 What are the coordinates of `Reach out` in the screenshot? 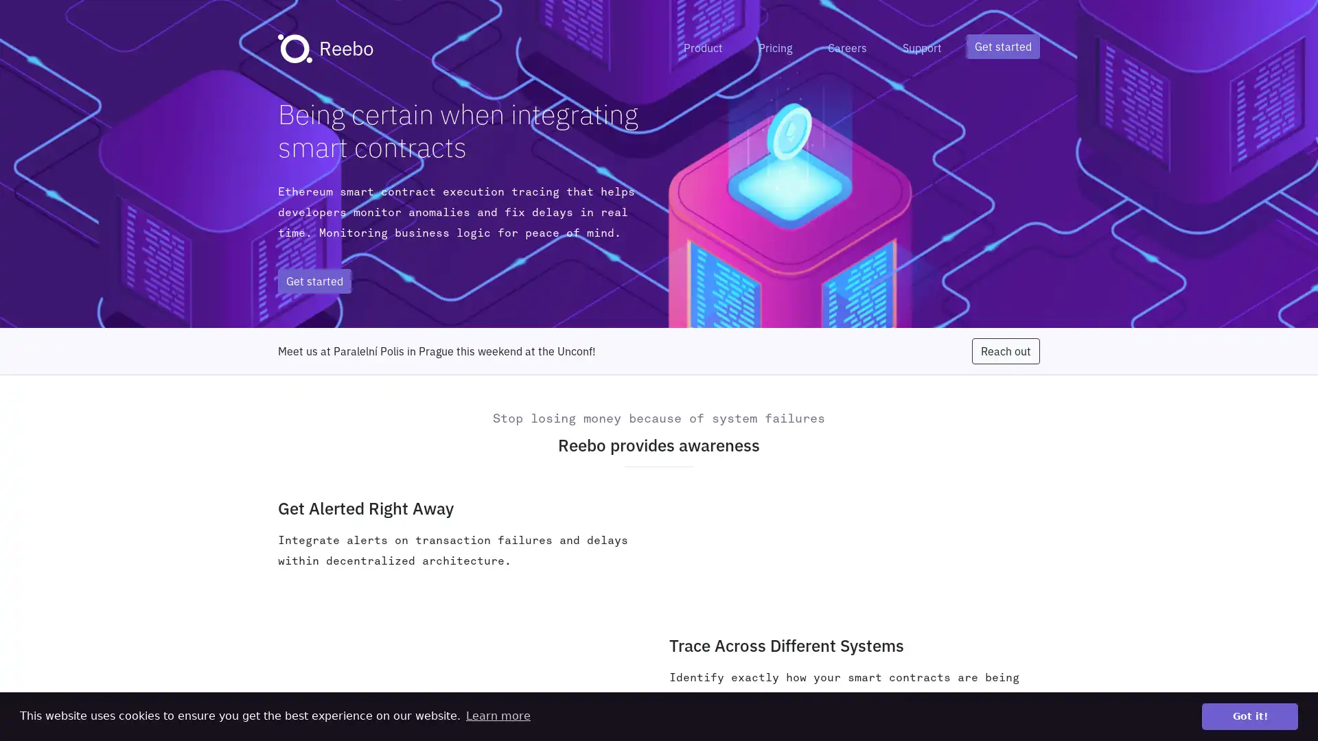 It's located at (1006, 351).